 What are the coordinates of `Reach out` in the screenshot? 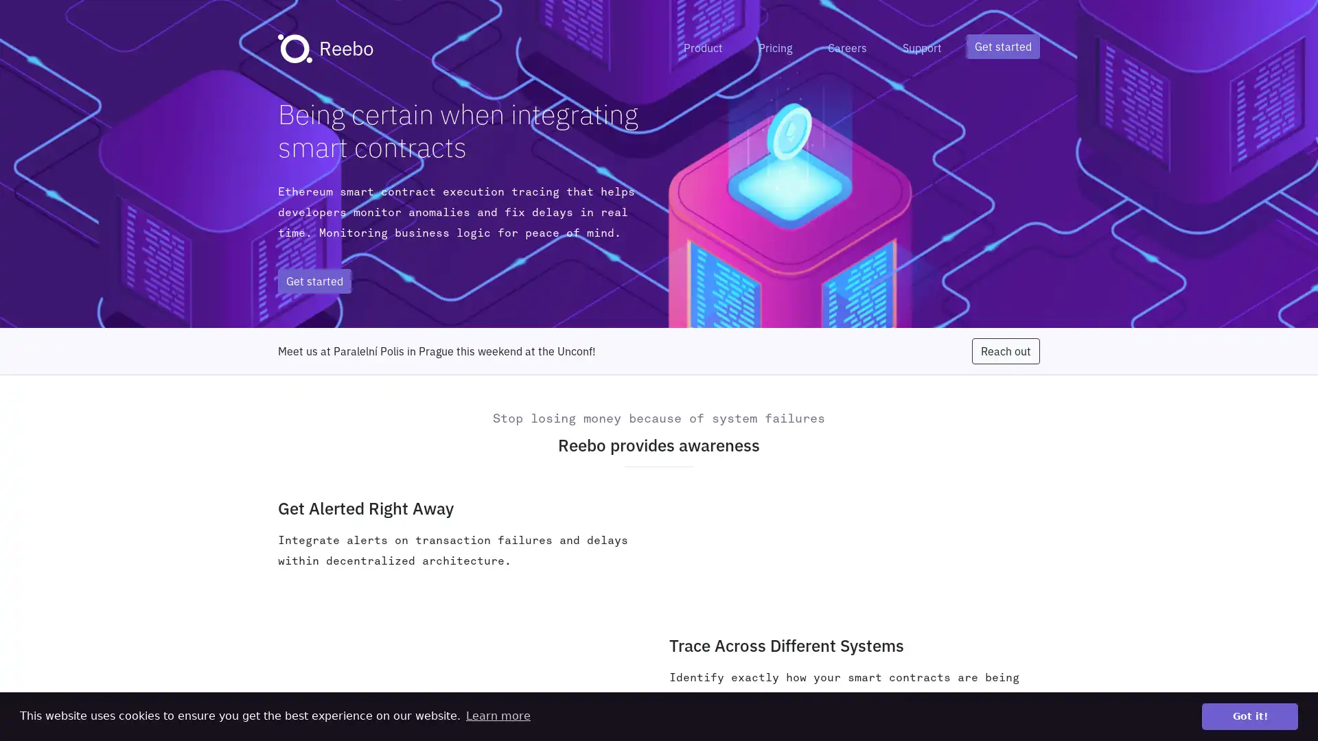 It's located at (1006, 351).